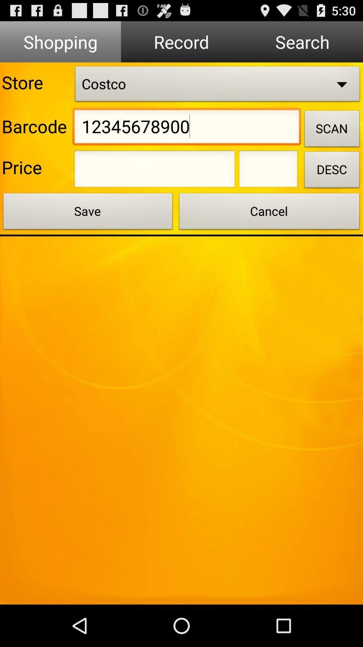  I want to click on choose unit, so click(268, 171).